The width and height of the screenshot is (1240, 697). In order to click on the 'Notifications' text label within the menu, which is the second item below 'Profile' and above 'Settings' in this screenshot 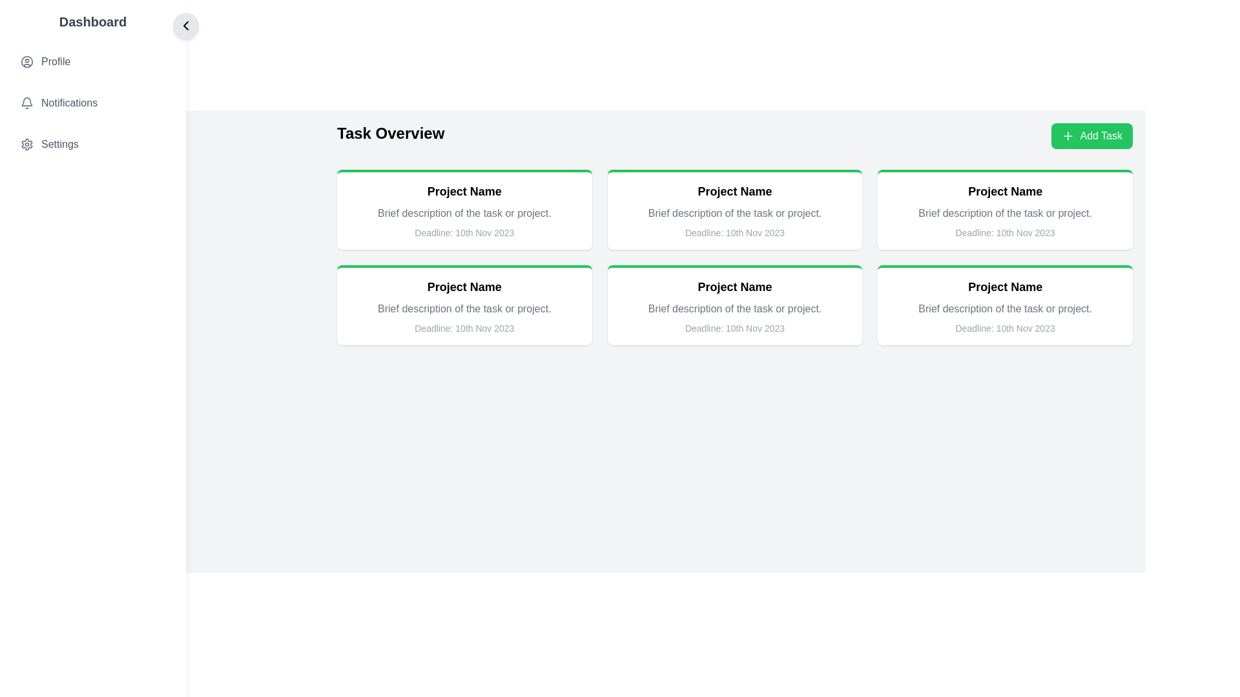, I will do `click(68, 102)`.